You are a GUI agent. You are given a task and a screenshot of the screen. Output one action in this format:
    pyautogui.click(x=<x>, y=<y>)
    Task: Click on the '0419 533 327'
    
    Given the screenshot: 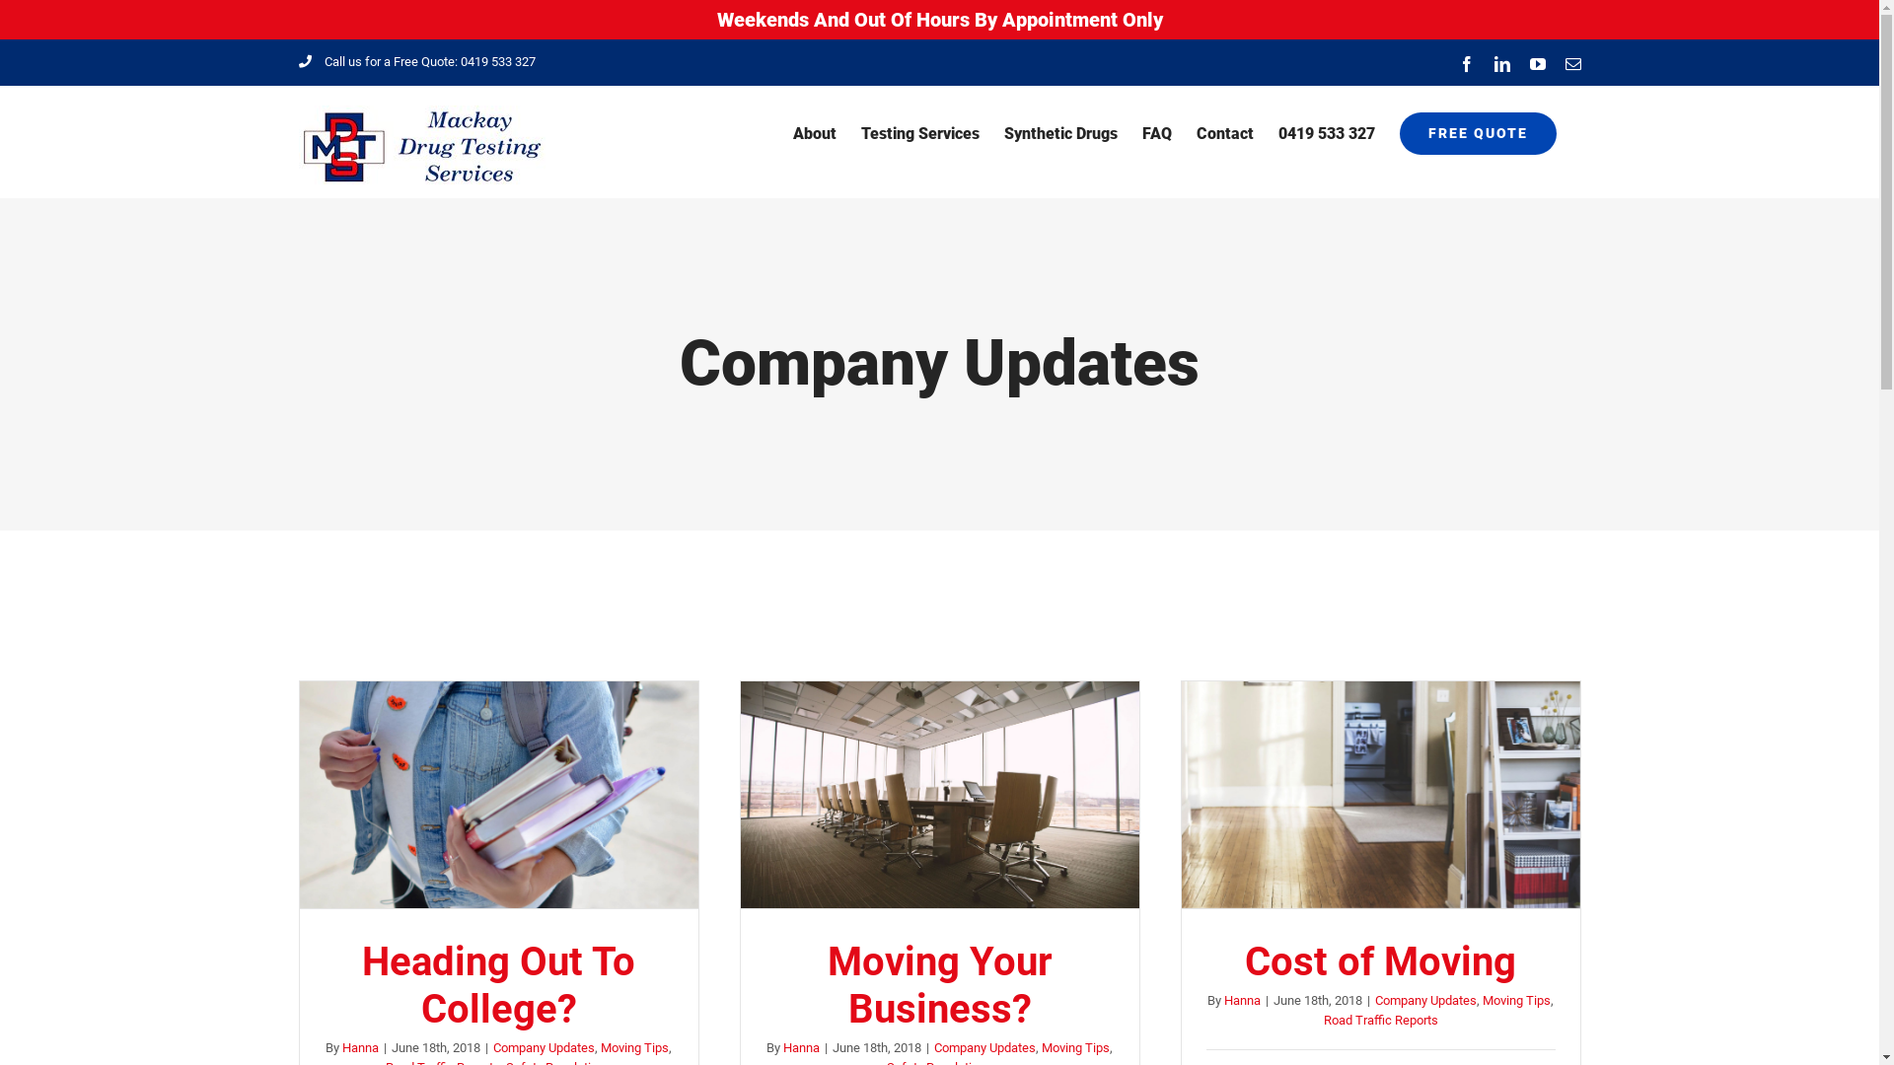 What is the action you would take?
    pyautogui.click(x=1326, y=133)
    